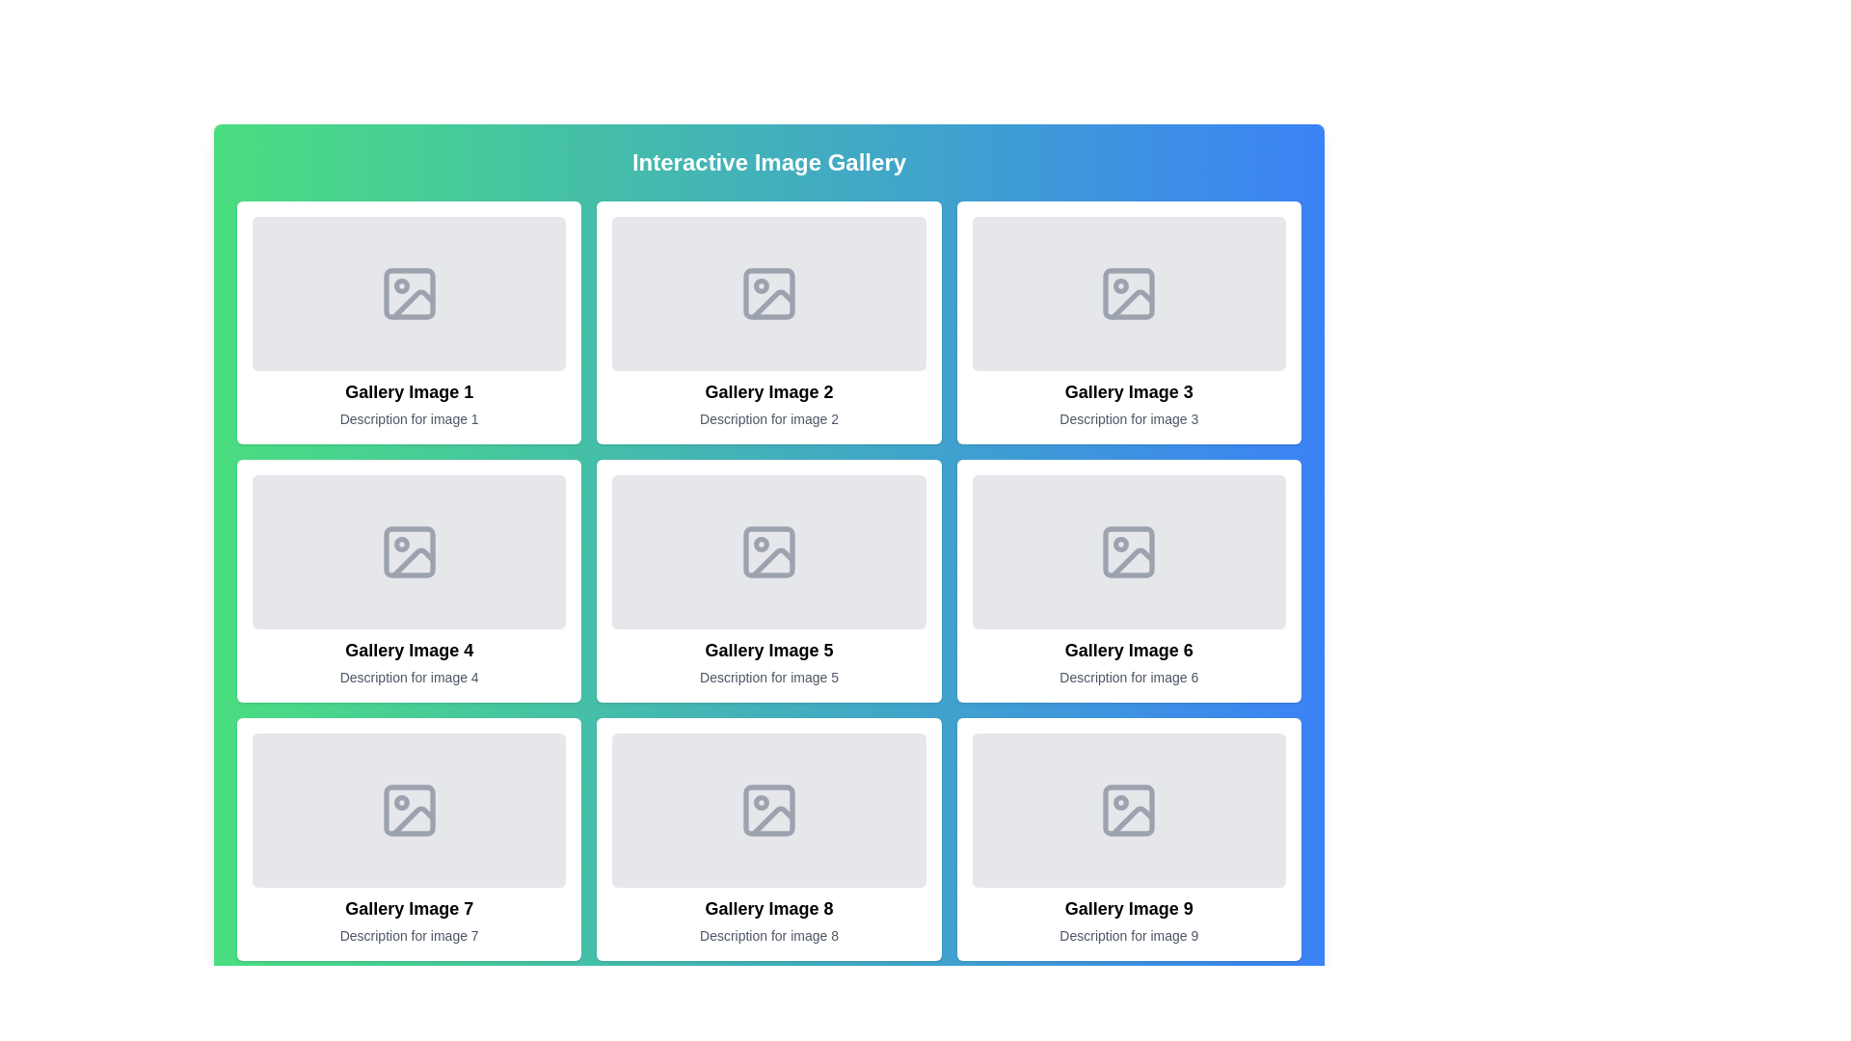  I want to click on the text label that identifies the content of the gallery card labeled 'Gallery Image 6', located in the bottom-middle region of the card, so click(1129, 651).